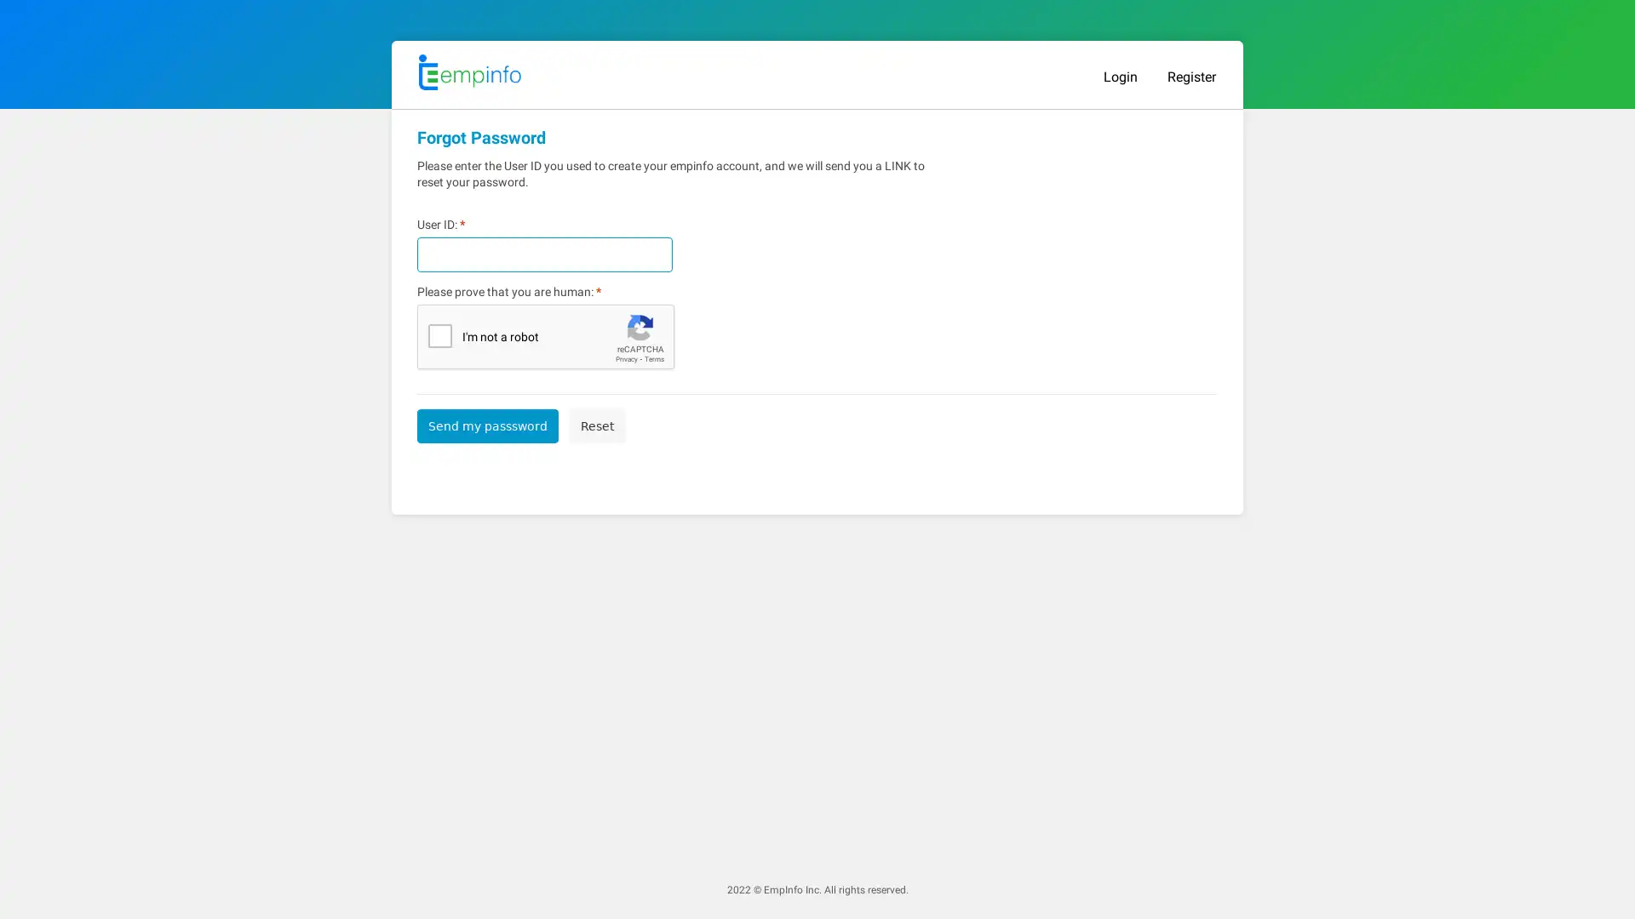 Image resolution: width=1635 pixels, height=919 pixels. Describe the element at coordinates (486, 425) in the screenshot. I see `Send my passsword` at that location.